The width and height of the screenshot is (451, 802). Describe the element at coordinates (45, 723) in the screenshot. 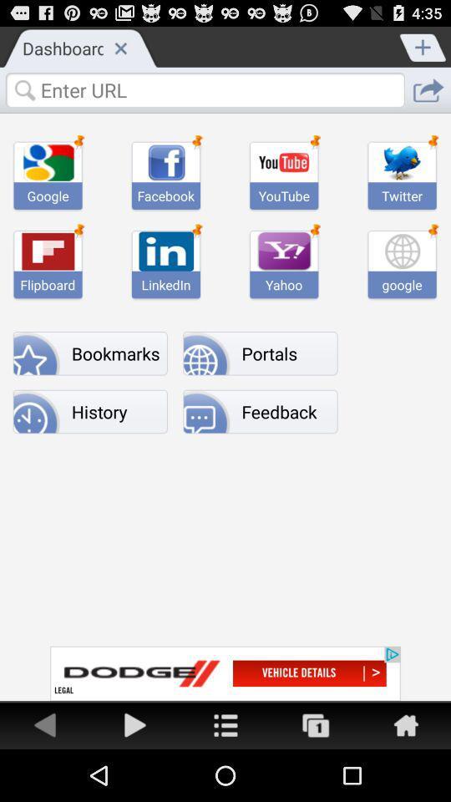

I see `previous` at that location.